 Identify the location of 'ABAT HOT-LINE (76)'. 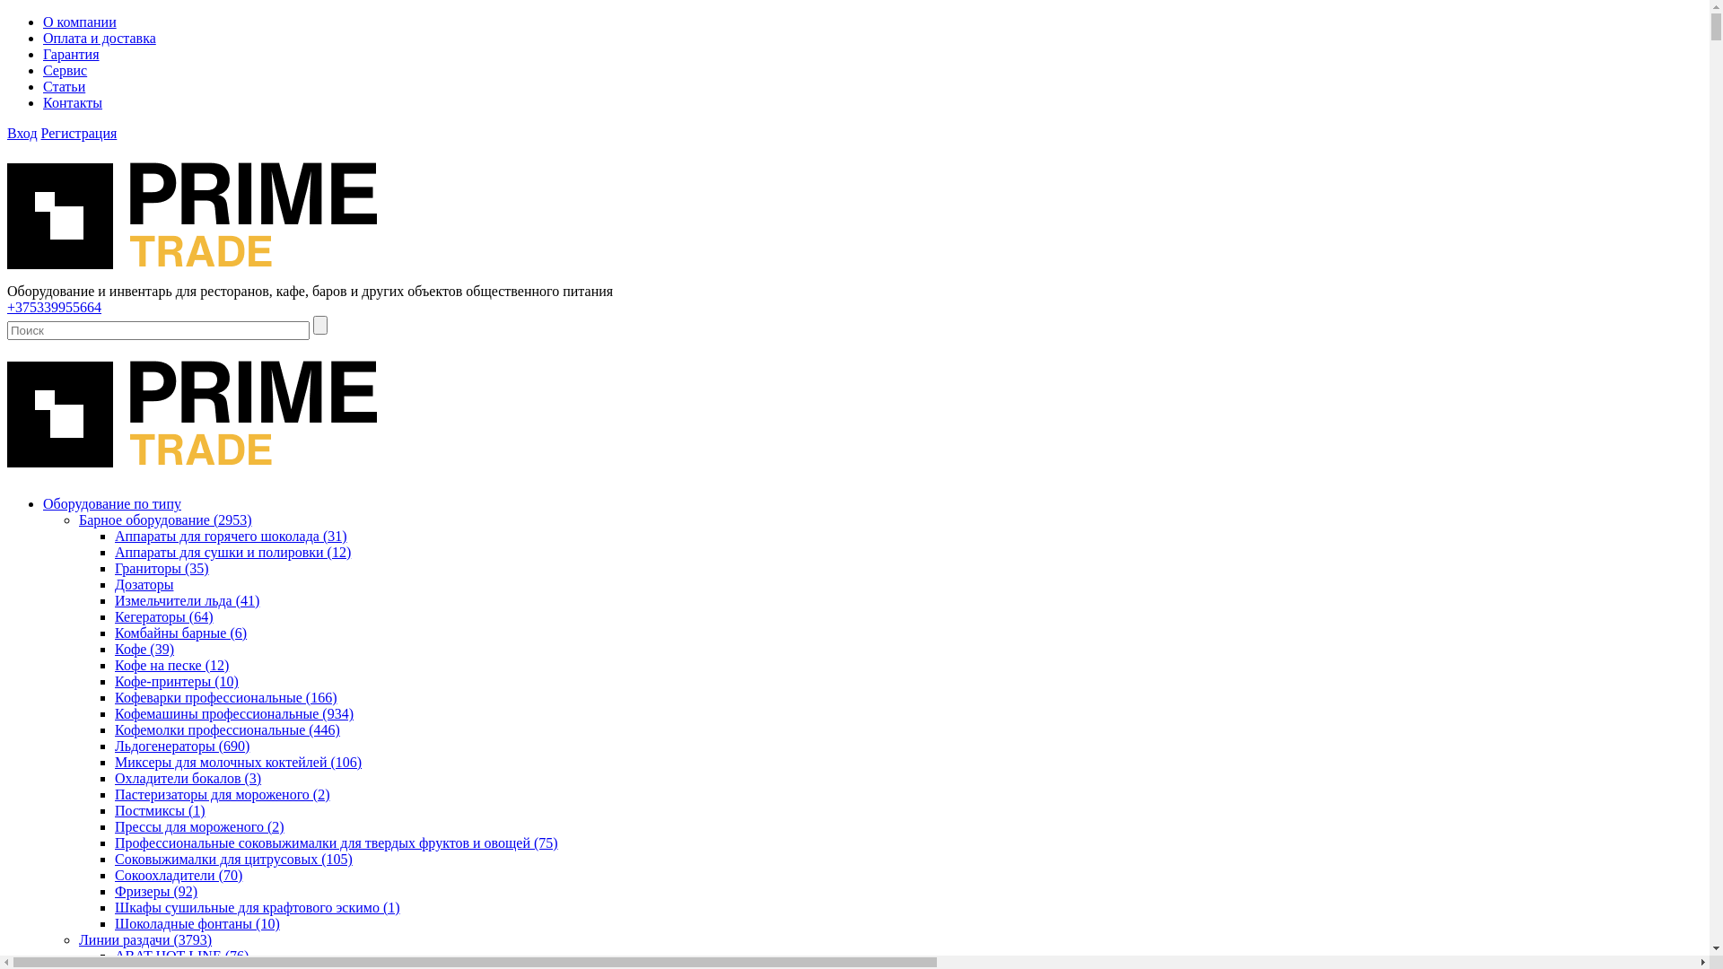
(181, 955).